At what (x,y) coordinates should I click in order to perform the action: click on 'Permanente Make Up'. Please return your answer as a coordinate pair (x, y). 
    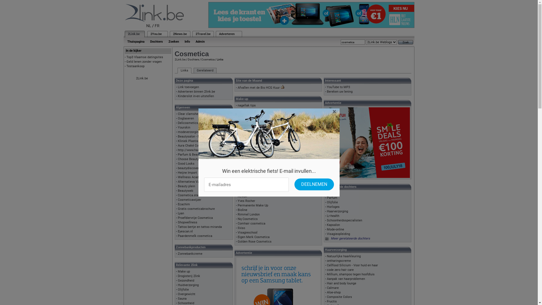
    Looking at the image, I should click on (253, 205).